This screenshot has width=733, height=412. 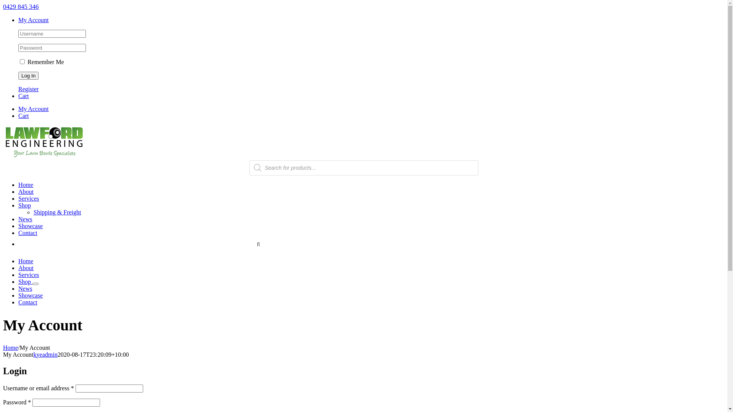 I want to click on 'Shipping & Freight', so click(x=57, y=212).